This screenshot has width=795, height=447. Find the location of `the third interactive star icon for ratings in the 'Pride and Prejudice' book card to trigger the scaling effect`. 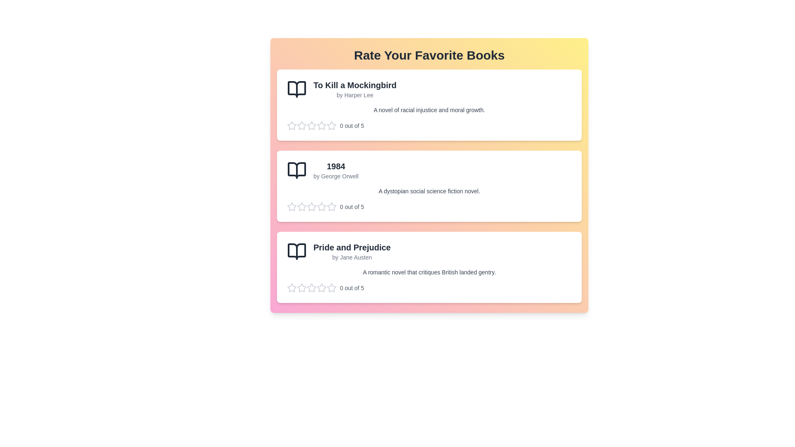

the third interactive star icon for ratings in the 'Pride and Prejudice' book card to trigger the scaling effect is located at coordinates (301, 287).